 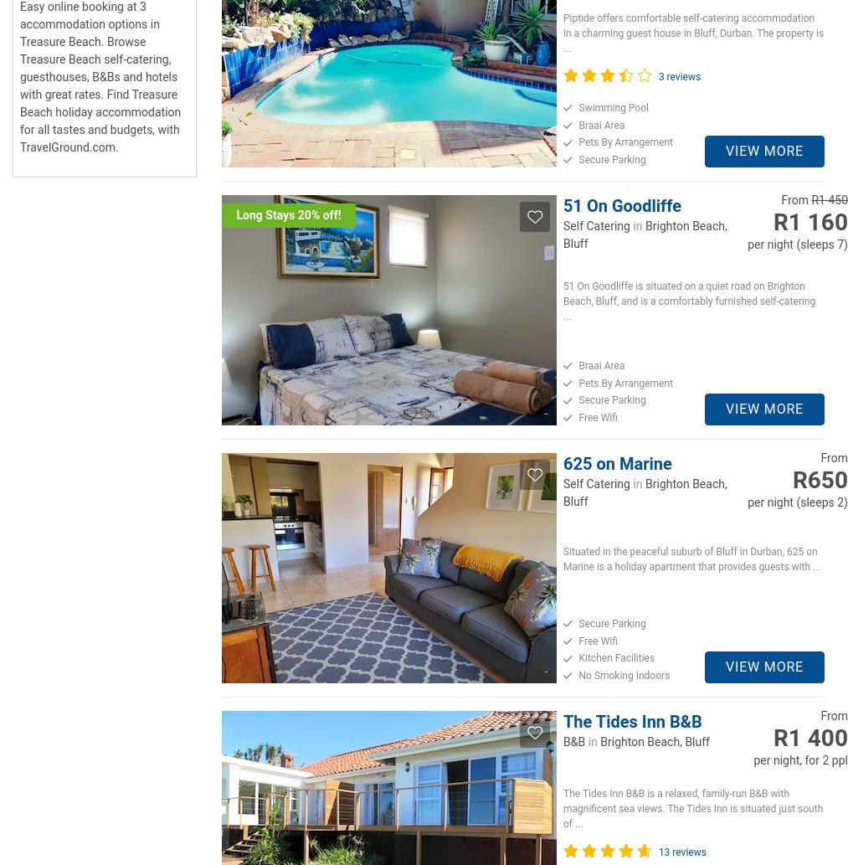 I want to click on 'The Tides Inn B&B is a relaxed, family-run B&B with magnificent sea views. The Tides Inn is situated just south of ...', so click(x=692, y=807).